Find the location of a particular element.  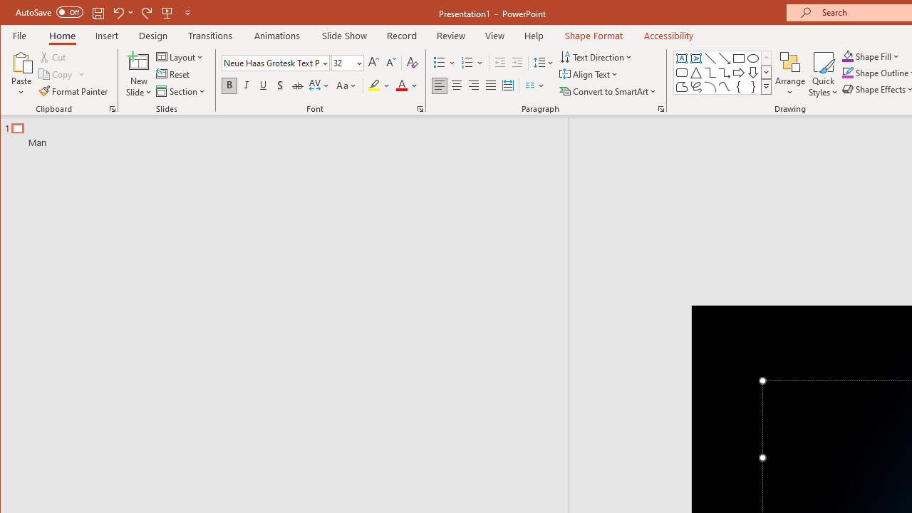

'Increase Indent' is located at coordinates (517, 62).